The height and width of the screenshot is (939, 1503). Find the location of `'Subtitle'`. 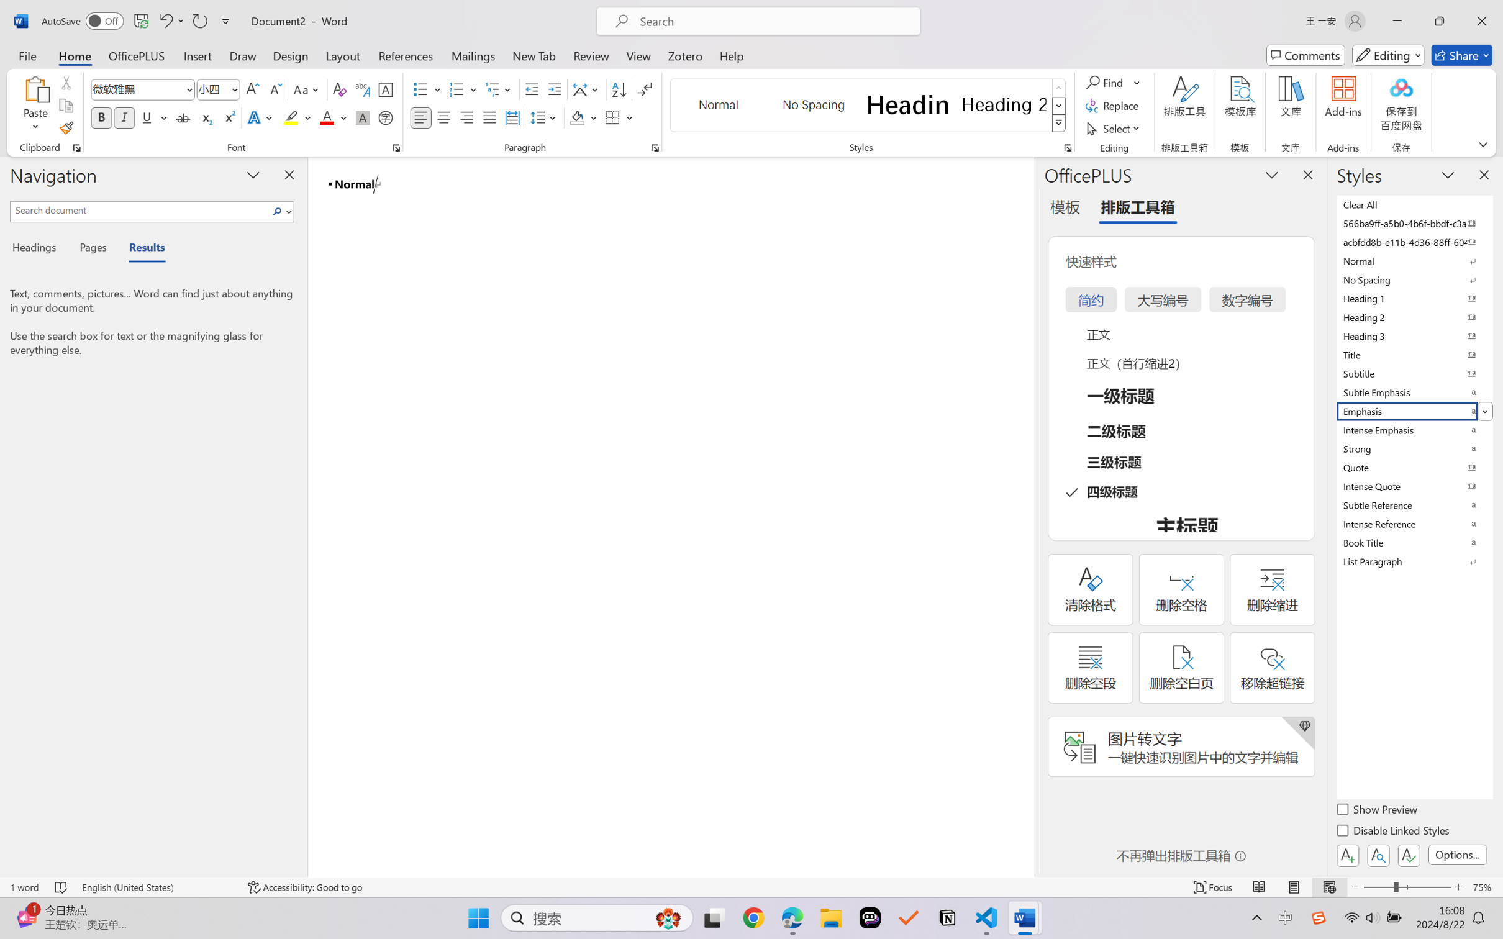

'Subtitle' is located at coordinates (1413, 373).